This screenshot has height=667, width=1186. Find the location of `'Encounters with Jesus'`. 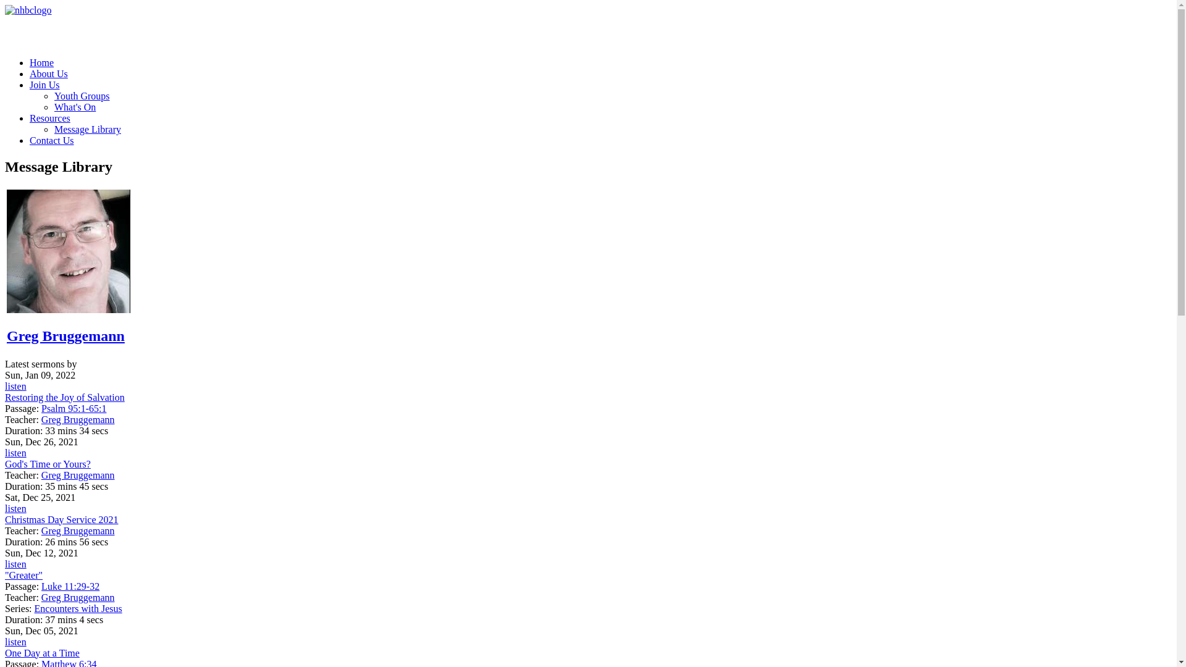

'Encounters with Jesus' is located at coordinates (77, 608).